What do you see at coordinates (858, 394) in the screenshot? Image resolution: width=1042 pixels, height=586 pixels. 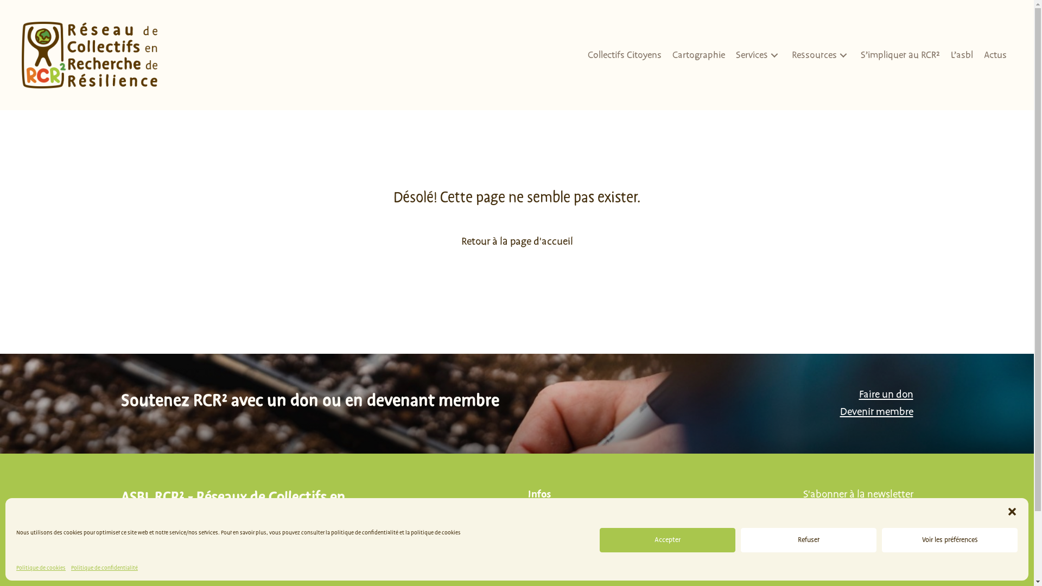 I see `'Faire un don'` at bounding box center [858, 394].